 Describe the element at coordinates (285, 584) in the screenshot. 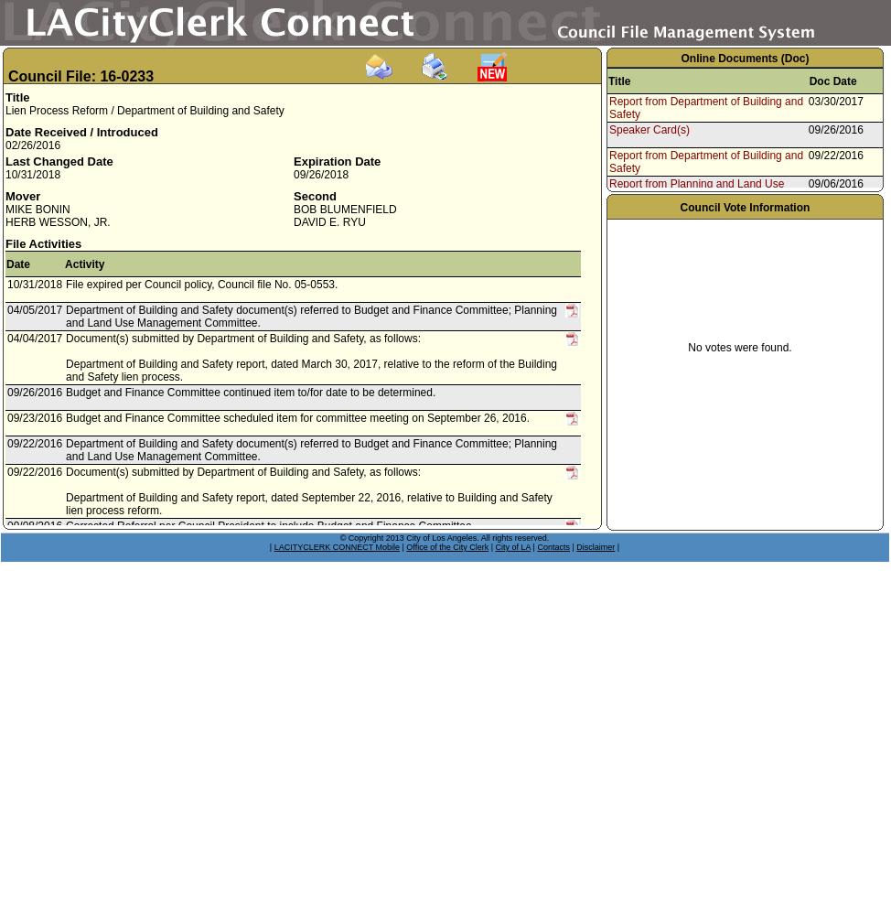

I see `'Planning and Land Use Management Committee scheduled item for committee meeting on September 6, 2016.'` at that location.